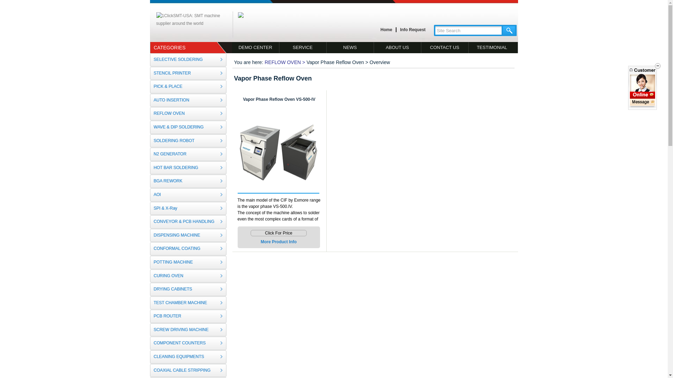 The width and height of the screenshot is (673, 378). I want to click on 'AOI', so click(188, 195).